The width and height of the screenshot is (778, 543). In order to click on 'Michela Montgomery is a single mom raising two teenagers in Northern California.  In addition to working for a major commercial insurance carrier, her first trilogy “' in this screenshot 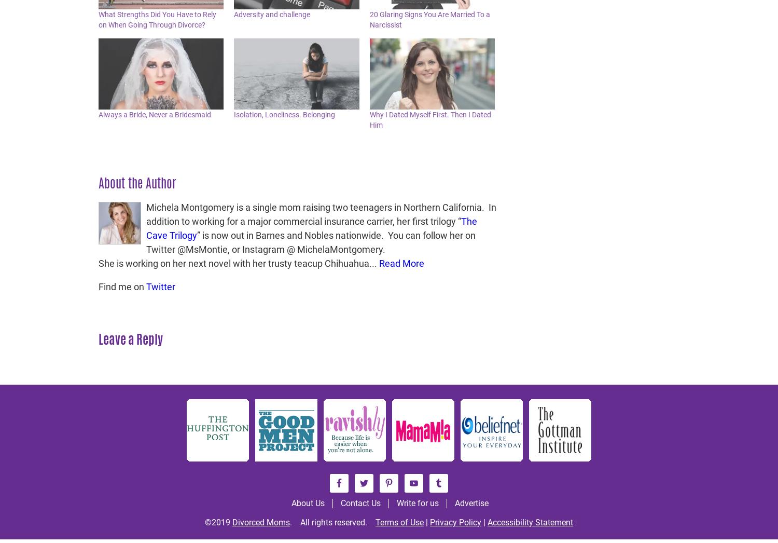, I will do `click(146, 214)`.